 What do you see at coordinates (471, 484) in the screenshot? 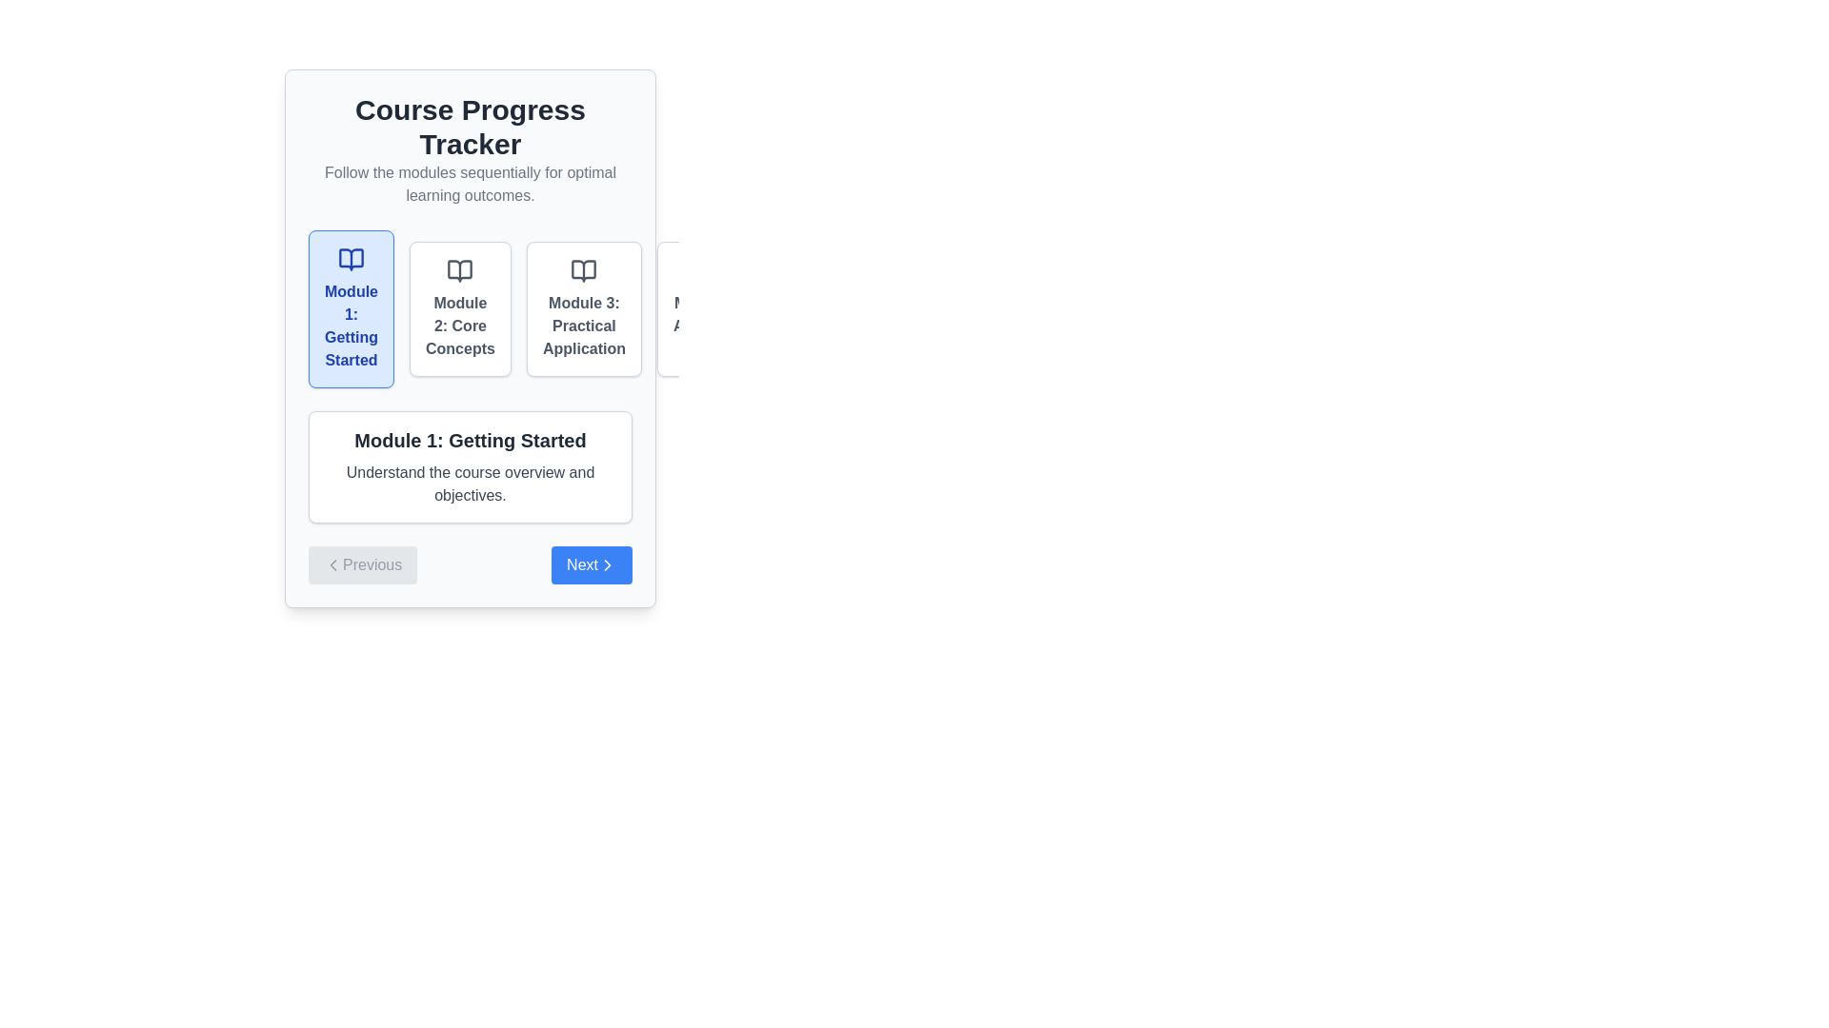
I see `the text block that provides additional information about 'Module 1: Getting Started', located directly below the module title` at bounding box center [471, 484].